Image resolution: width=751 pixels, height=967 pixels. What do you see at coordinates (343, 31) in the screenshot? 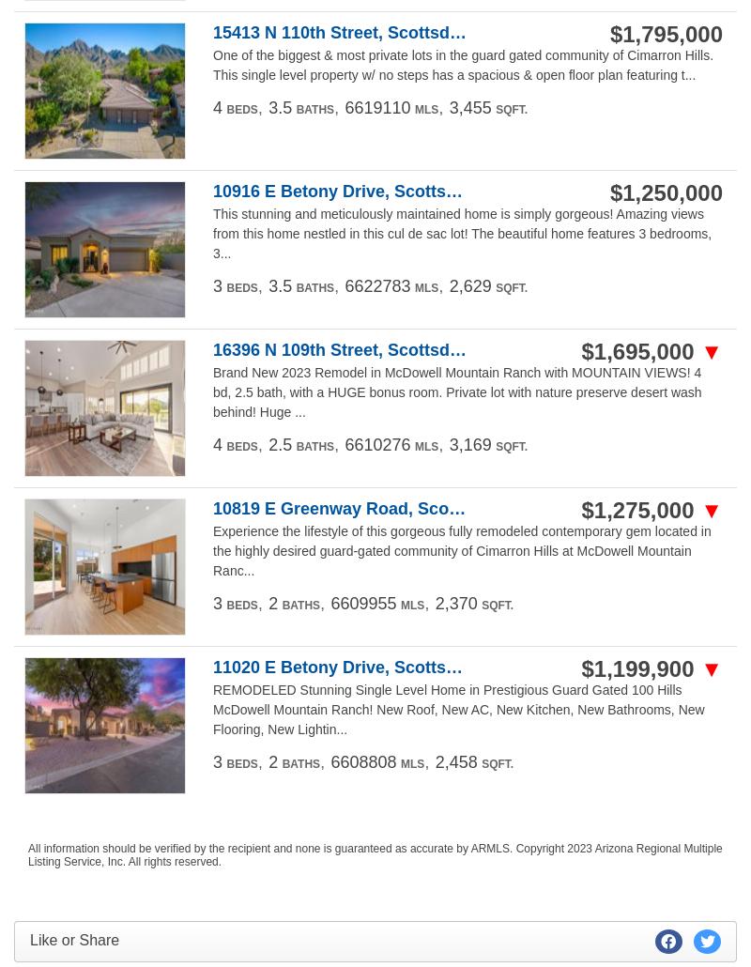
I see `'15413 N 110th Street, Scottsdale'` at bounding box center [343, 31].